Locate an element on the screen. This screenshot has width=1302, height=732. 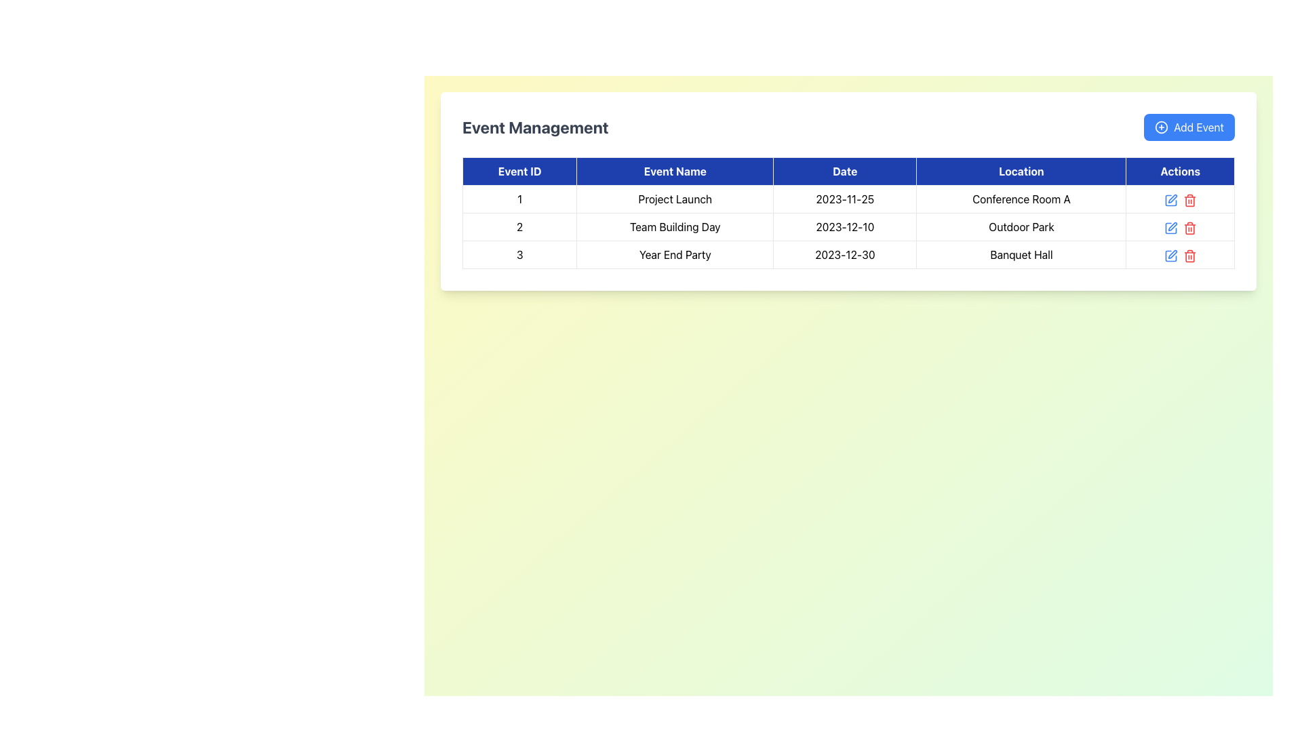
the red trash icon button in the 'Actions' column of the second row in the events table is located at coordinates (1189, 226).